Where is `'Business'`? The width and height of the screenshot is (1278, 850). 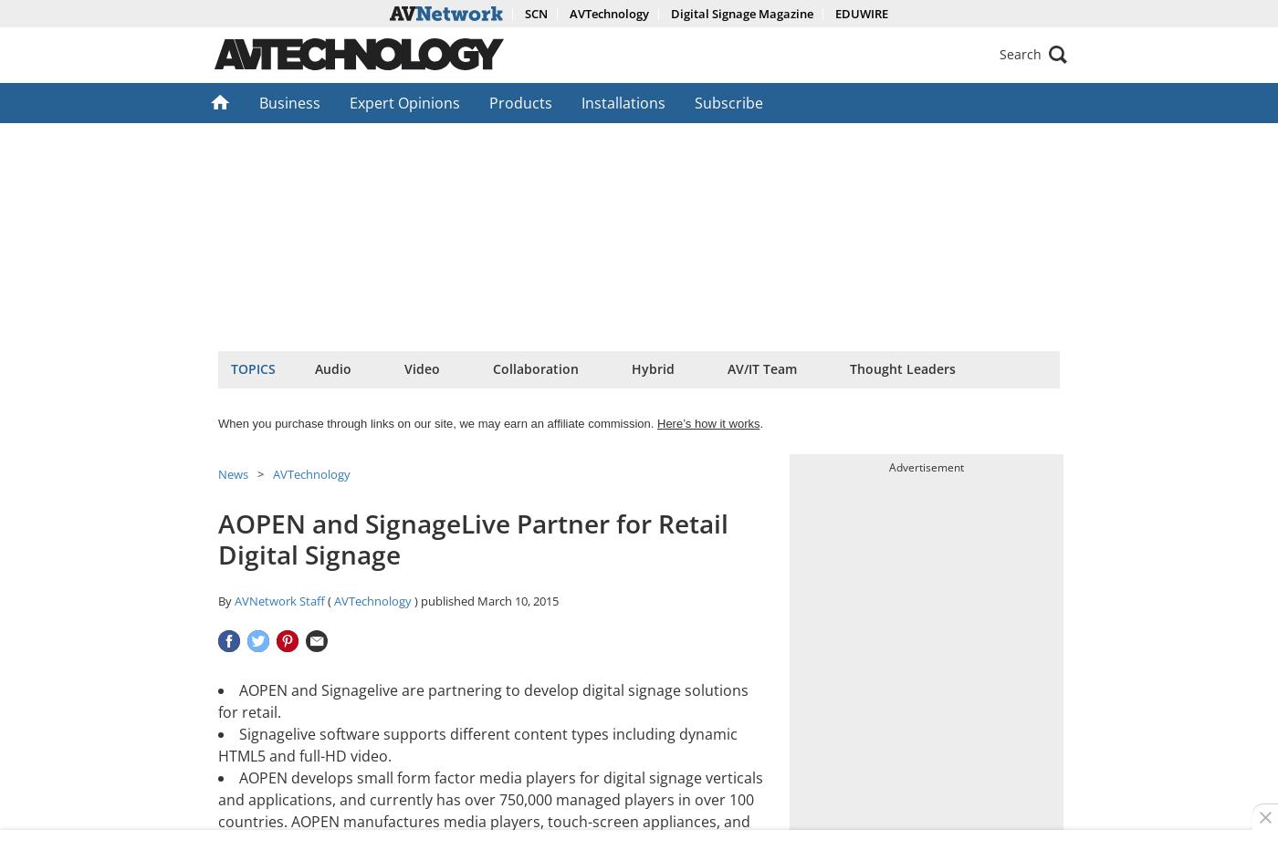
'Business' is located at coordinates (289, 102).